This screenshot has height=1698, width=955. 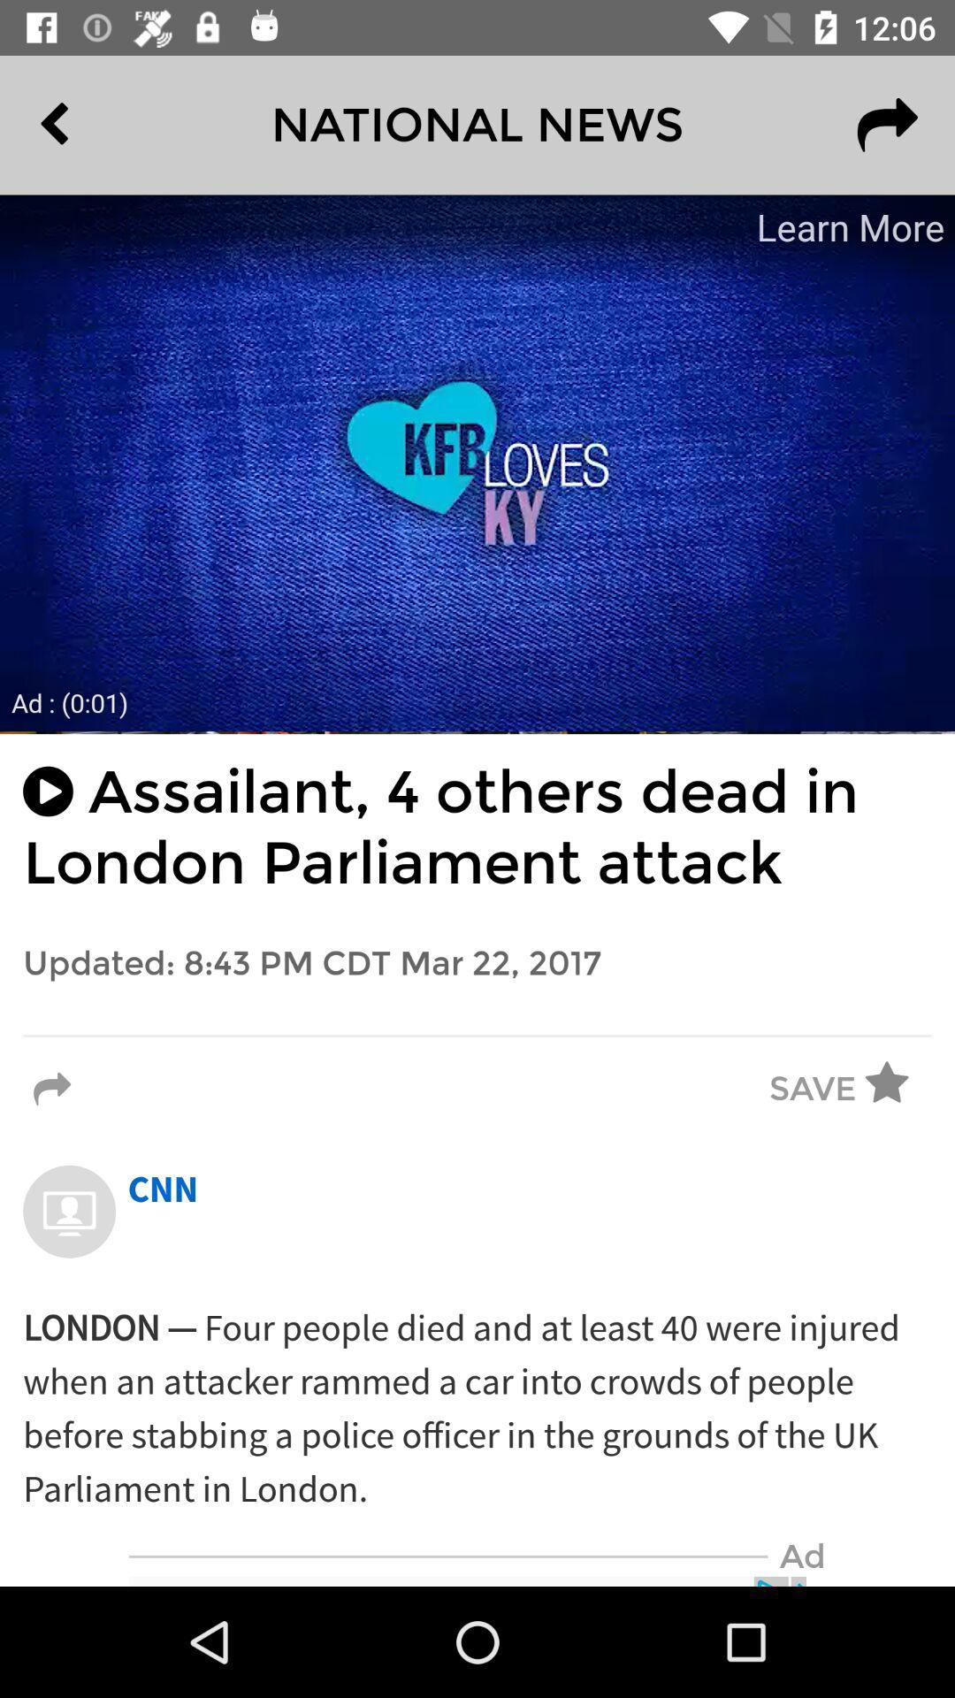 What do you see at coordinates (95, 124) in the screenshot?
I see `the icon at the top left corner` at bounding box center [95, 124].